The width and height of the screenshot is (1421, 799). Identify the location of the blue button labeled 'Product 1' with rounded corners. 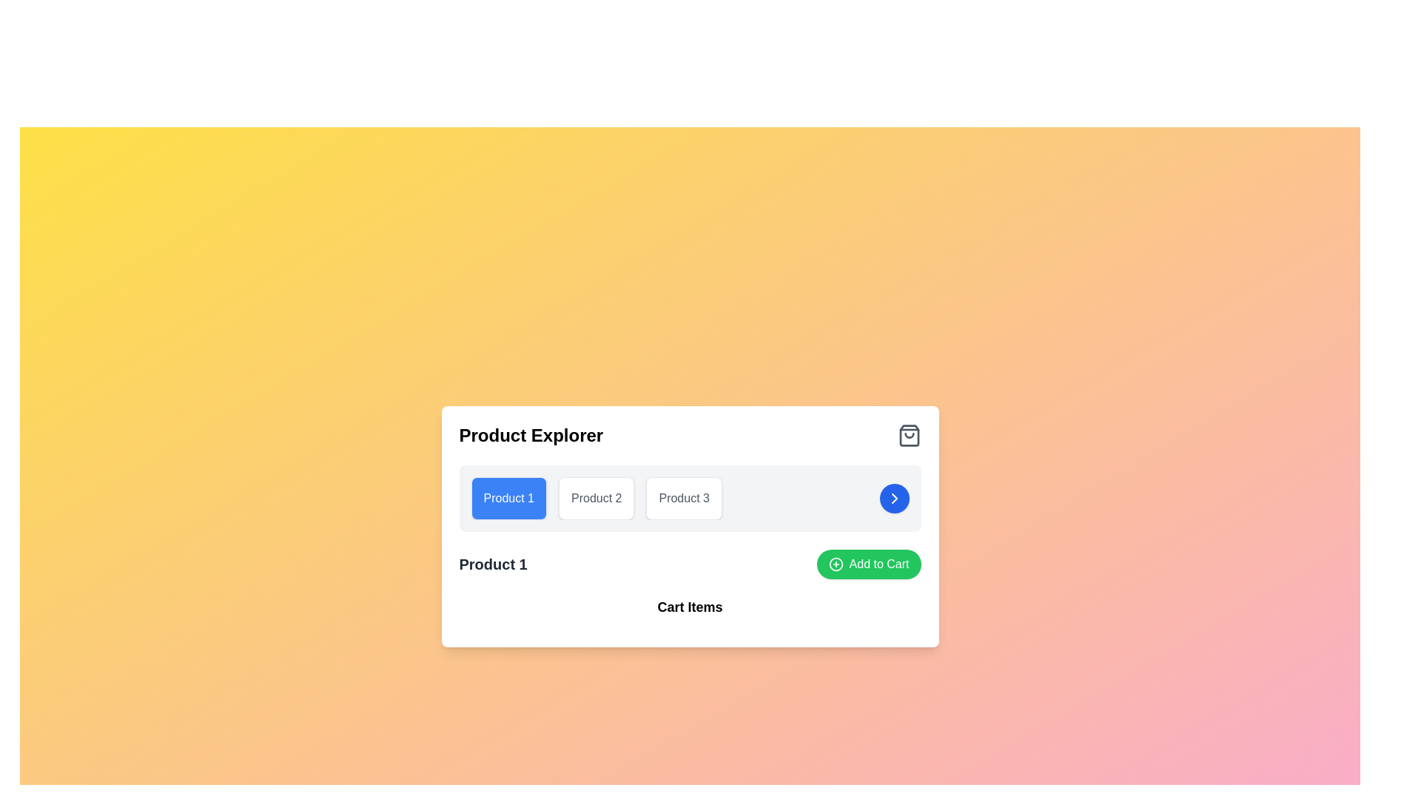
(508, 499).